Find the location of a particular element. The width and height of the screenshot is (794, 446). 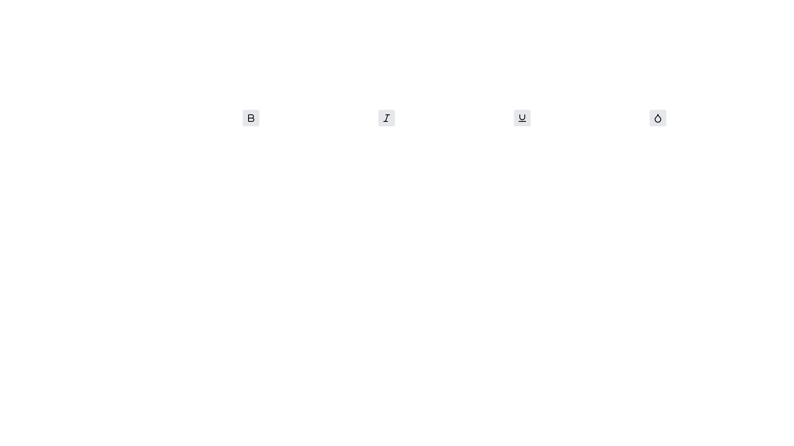

the first button in the horizontal toolbar with a gray background and a bold 'B' icon to apply bold formatting is located at coordinates (250, 118).